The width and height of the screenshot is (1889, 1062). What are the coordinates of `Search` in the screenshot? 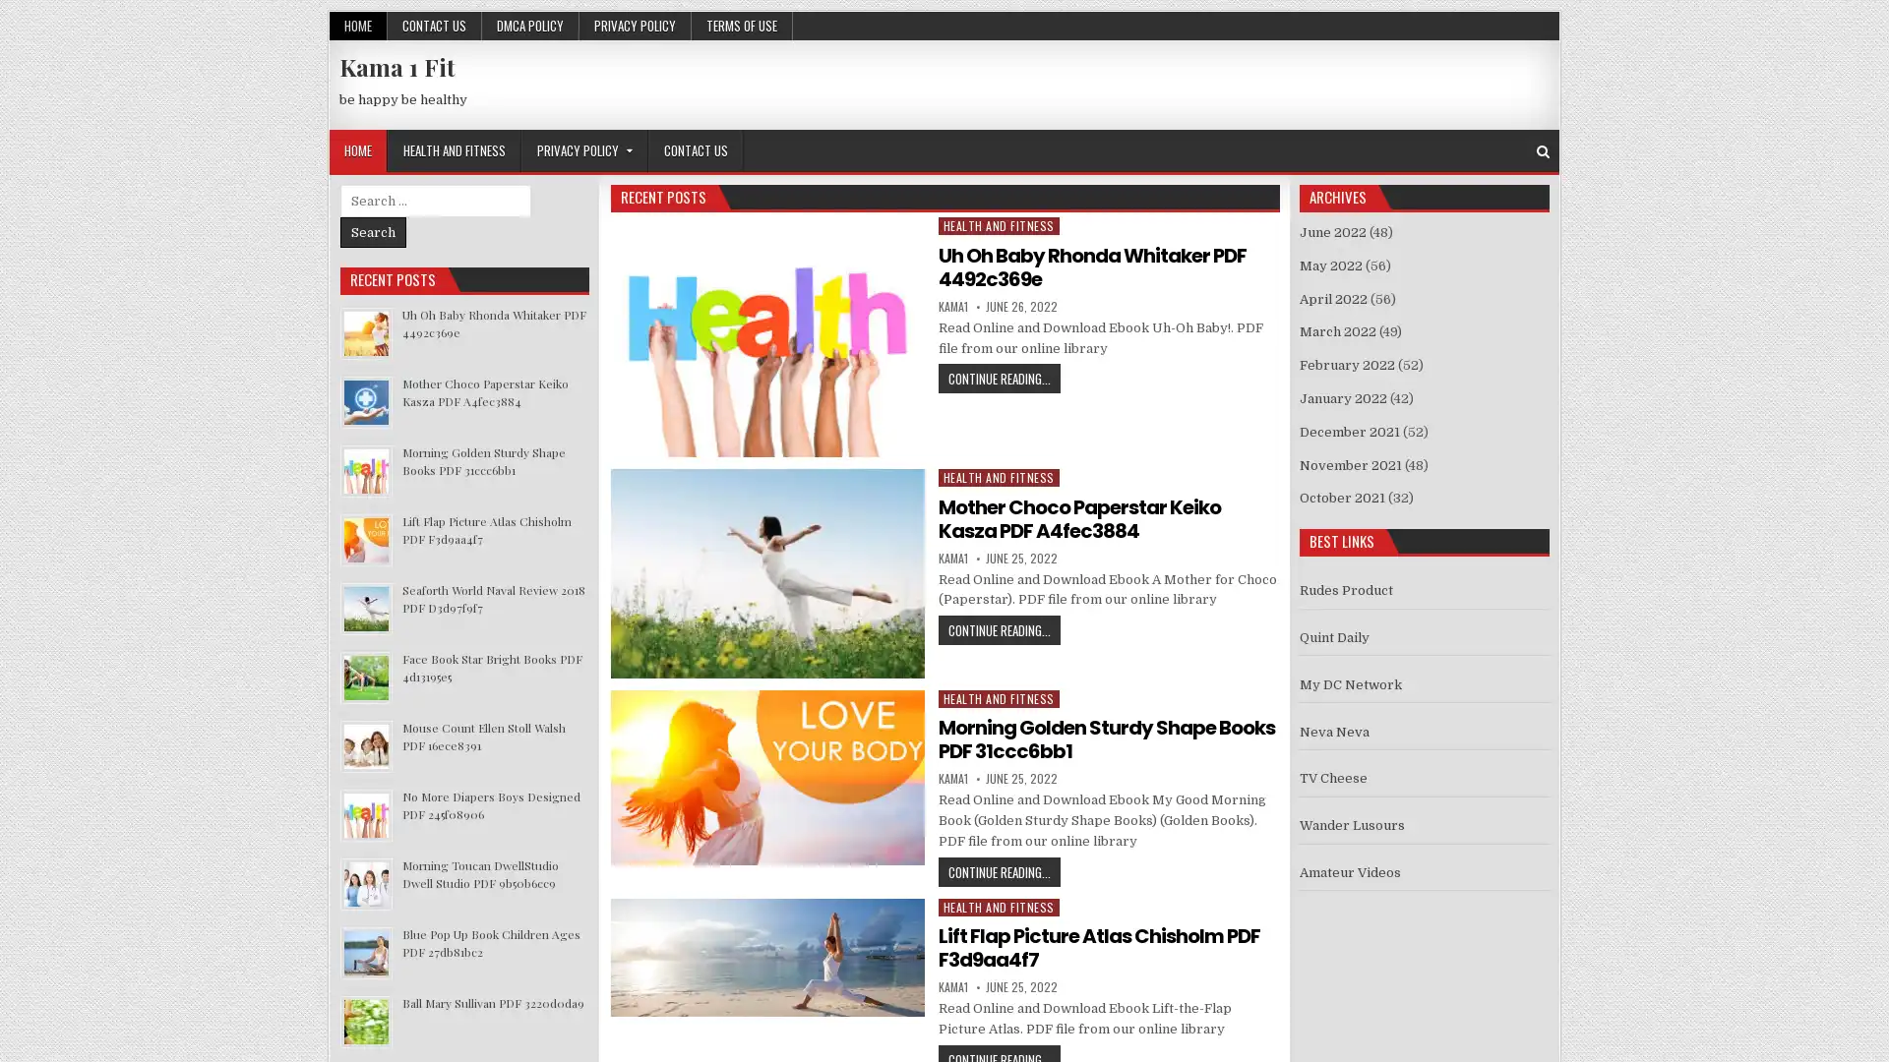 It's located at (372, 231).